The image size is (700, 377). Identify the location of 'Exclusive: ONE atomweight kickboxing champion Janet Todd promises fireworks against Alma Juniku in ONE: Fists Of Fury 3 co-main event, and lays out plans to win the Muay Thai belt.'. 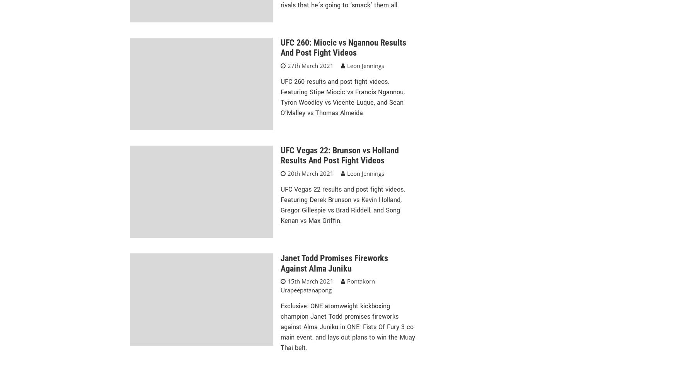
(279, 327).